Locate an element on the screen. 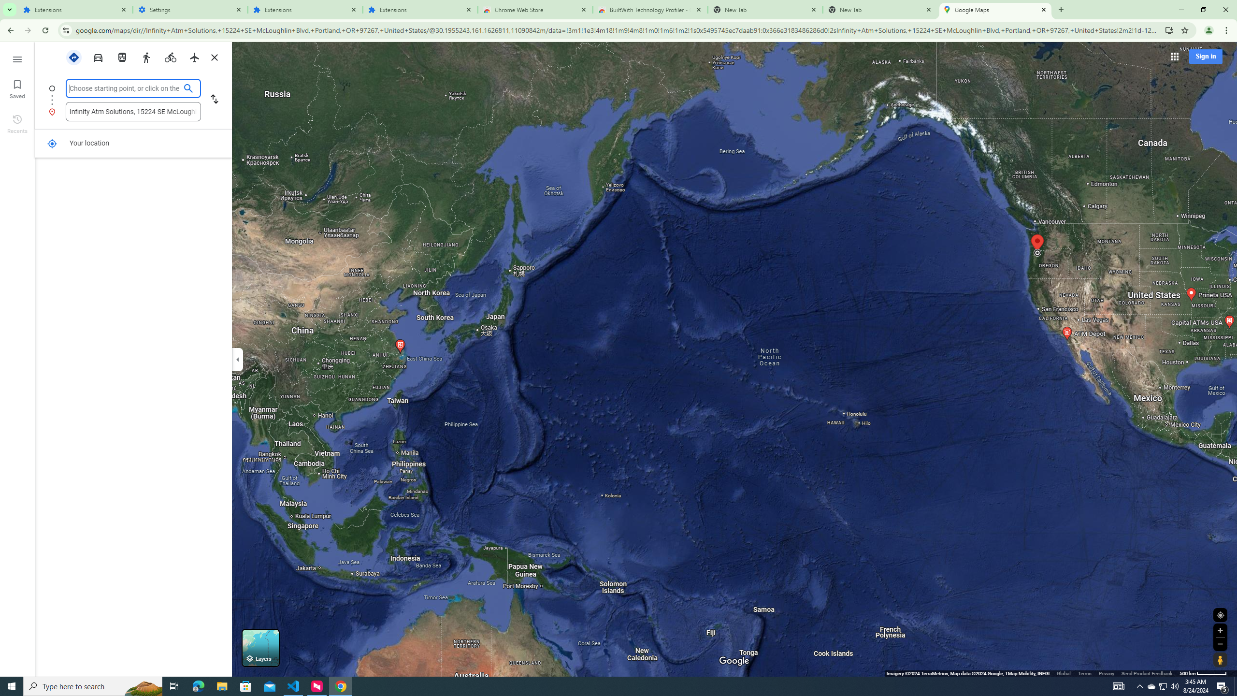 The width and height of the screenshot is (1237, 696). 'Menu' is located at coordinates (16, 58).